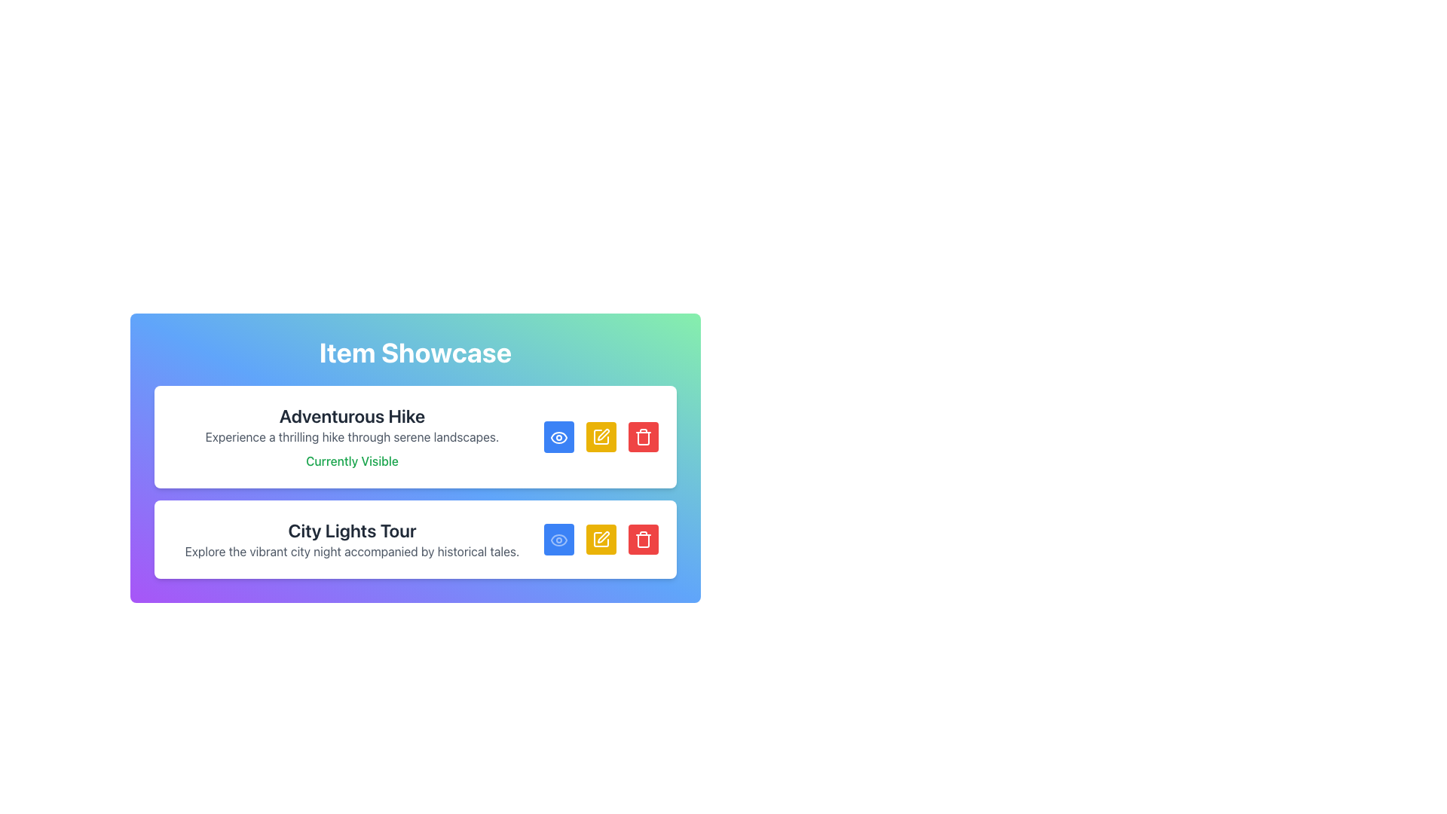 This screenshot has height=814, width=1447. Describe the element at coordinates (604, 435) in the screenshot. I see `the middle button in the action toolbar under the 'City Lights Tour' section to receive a tooltip describing its function` at that location.